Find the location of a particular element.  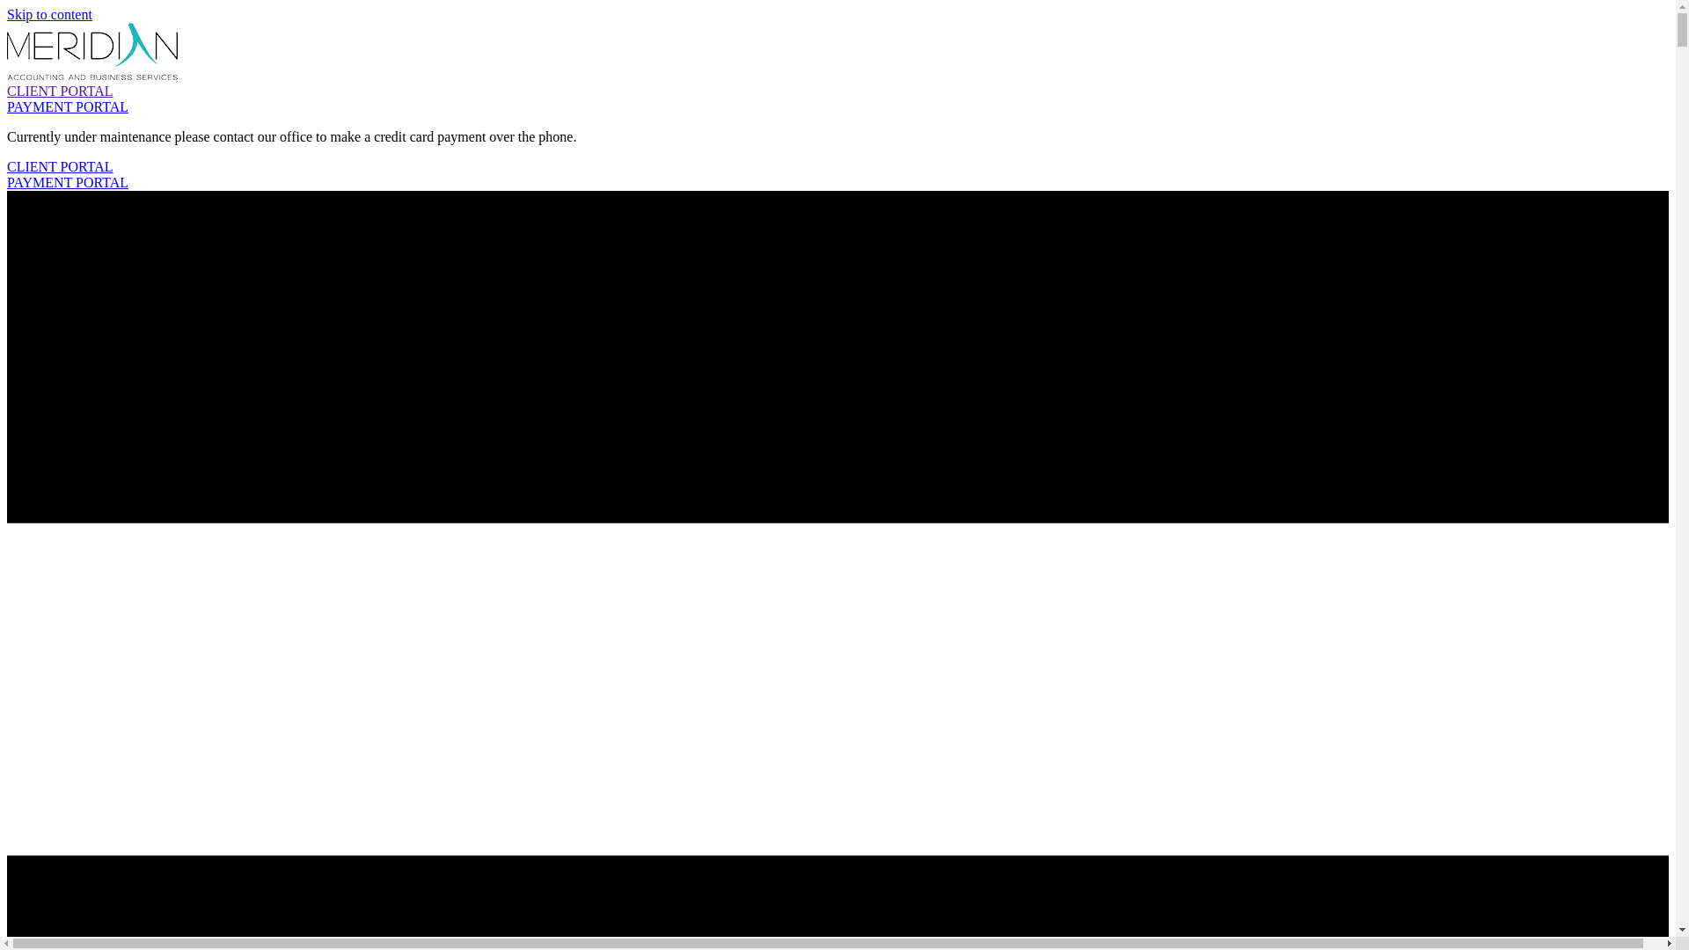

'Skip to content' is located at coordinates (49, 14).